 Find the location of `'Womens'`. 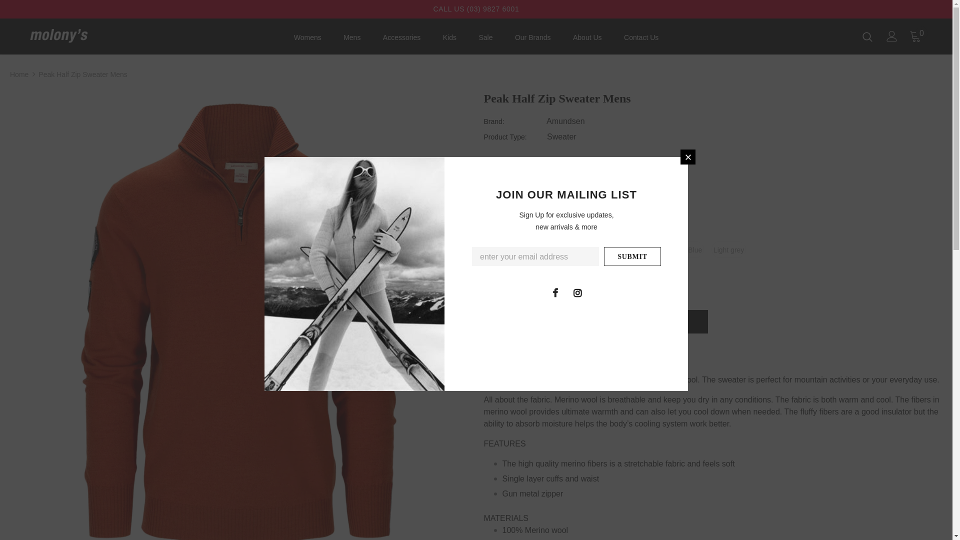

'Womens' is located at coordinates (307, 39).